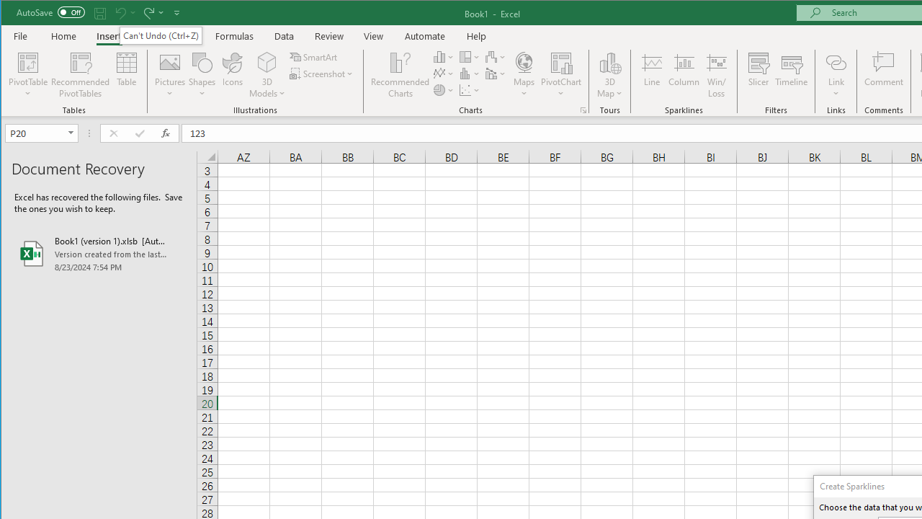 The height and width of the screenshot is (519, 922). Describe the element at coordinates (127, 75) in the screenshot. I see `'Table'` at that location.